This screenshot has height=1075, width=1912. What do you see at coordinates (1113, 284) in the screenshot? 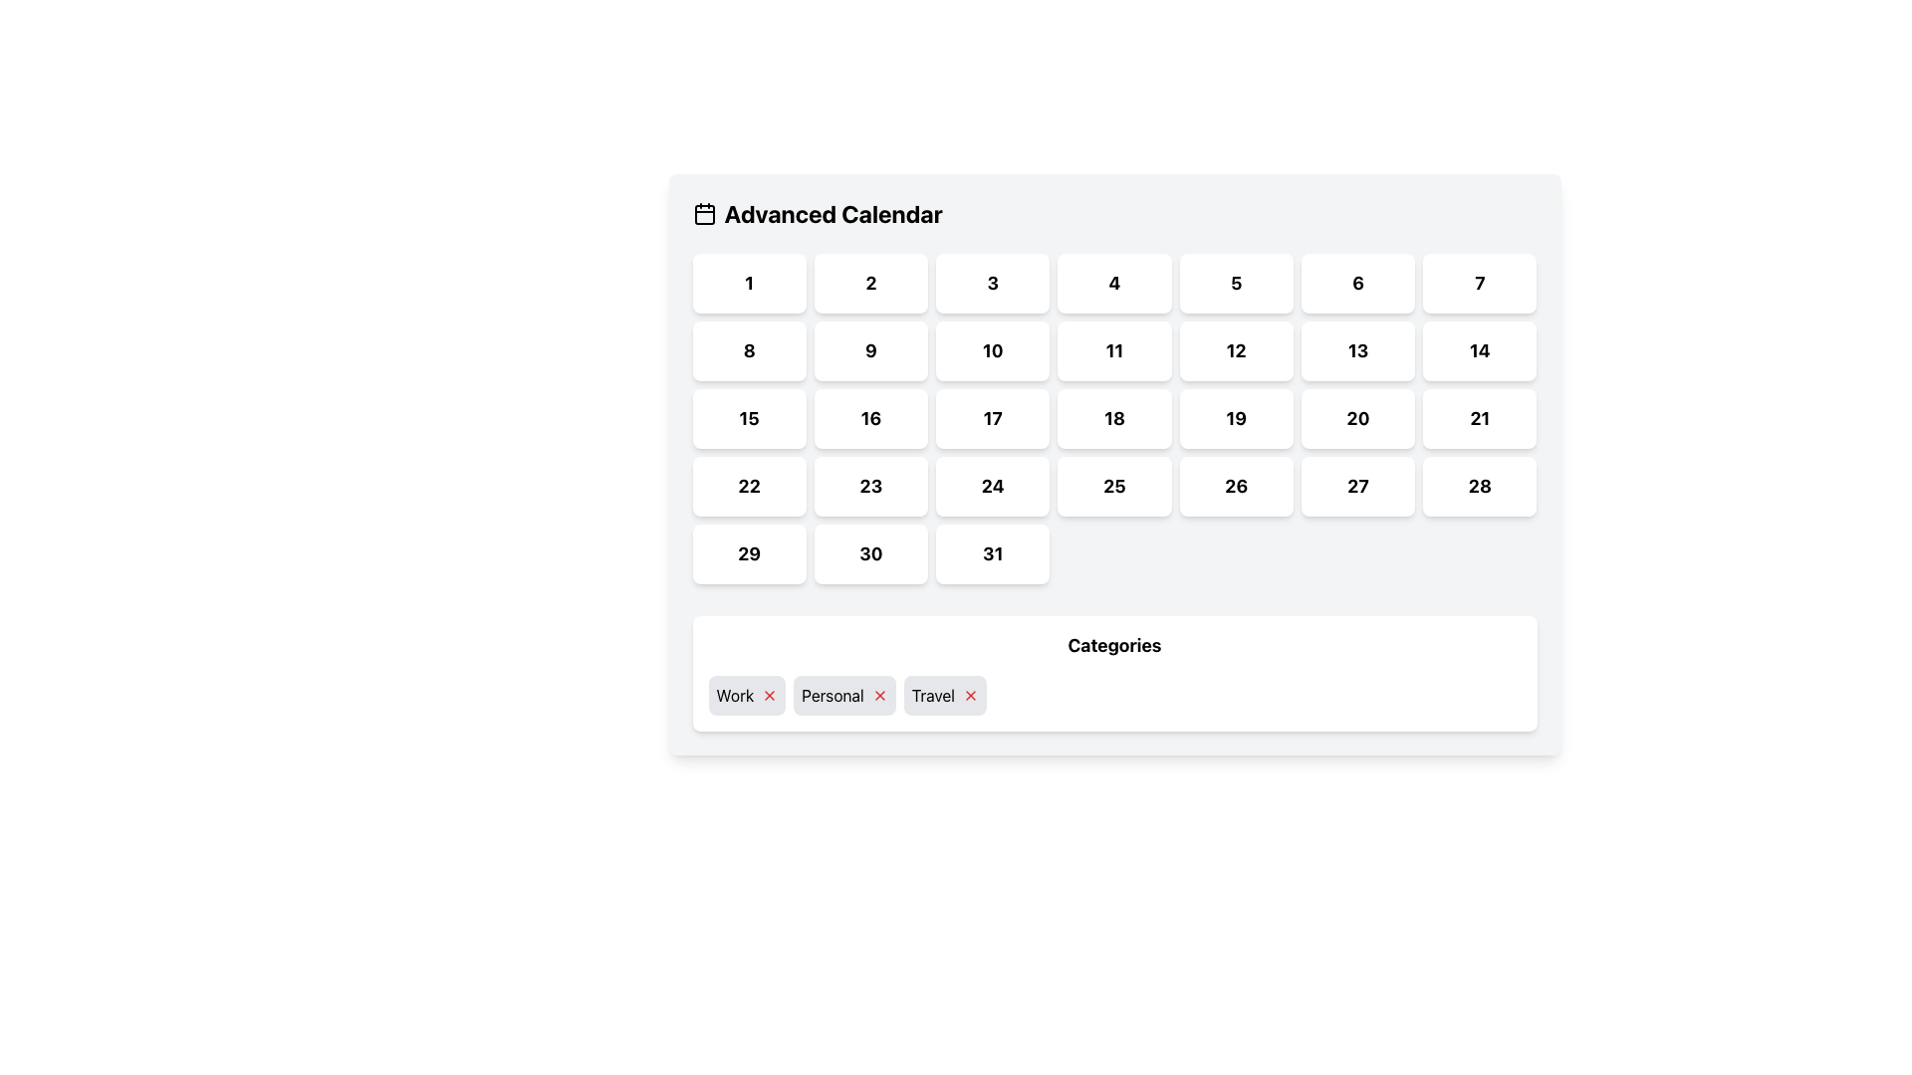
I see `the interactive button representing the fourth day in the 'Advanced Calendar' interface` at bounding box center [1113, 284].